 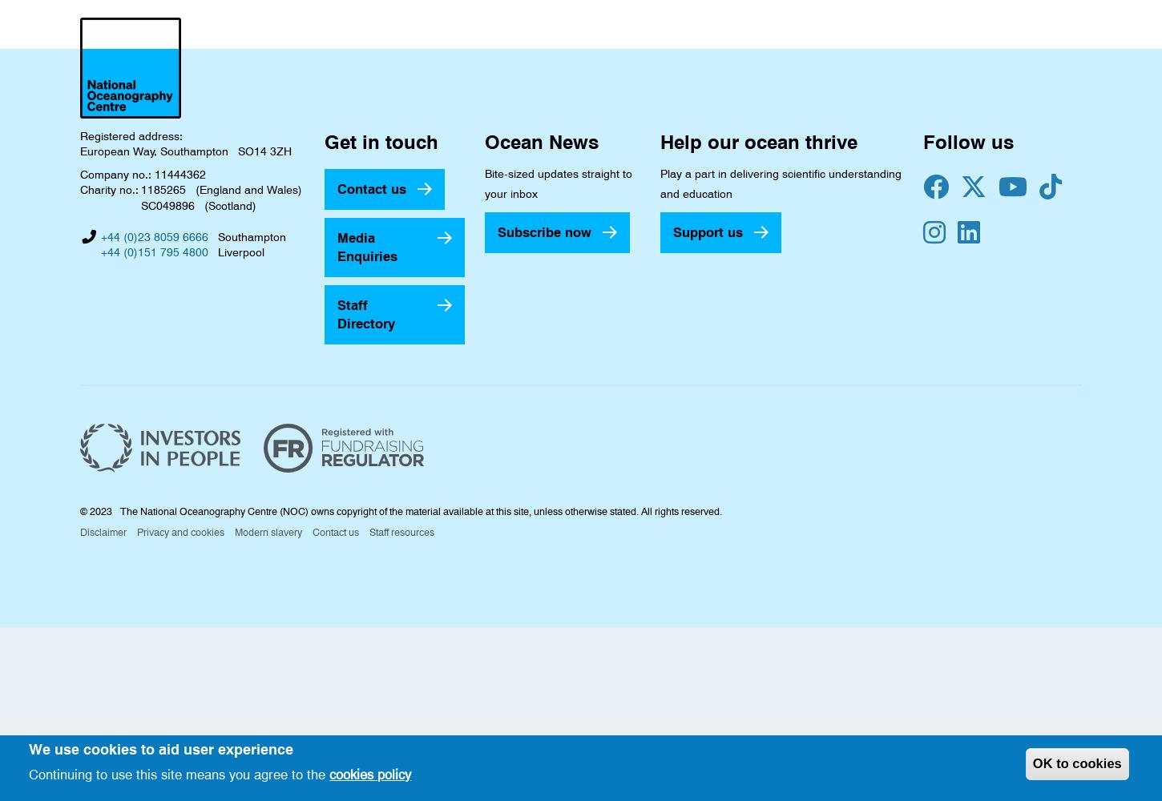 What do you see at coordinates (781, 183) in the screenshot?
I see `'Play a part in delivering scientific understanding and education'` at bounding box center [781, 183].